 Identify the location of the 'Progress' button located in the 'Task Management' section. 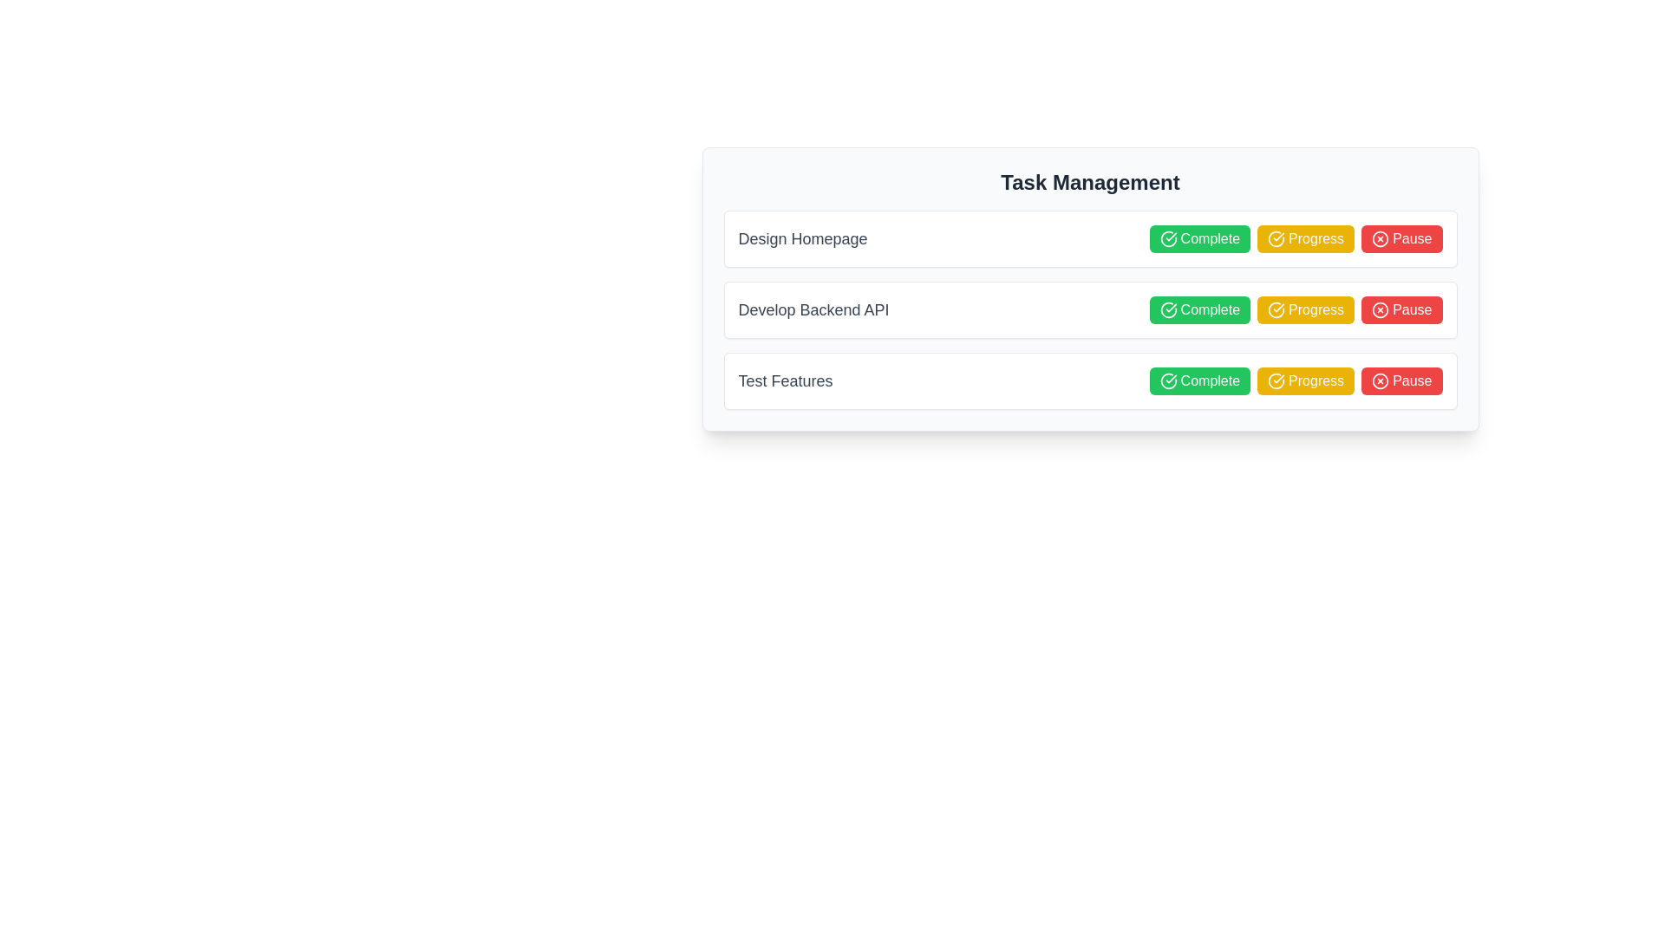
(1306, 380).